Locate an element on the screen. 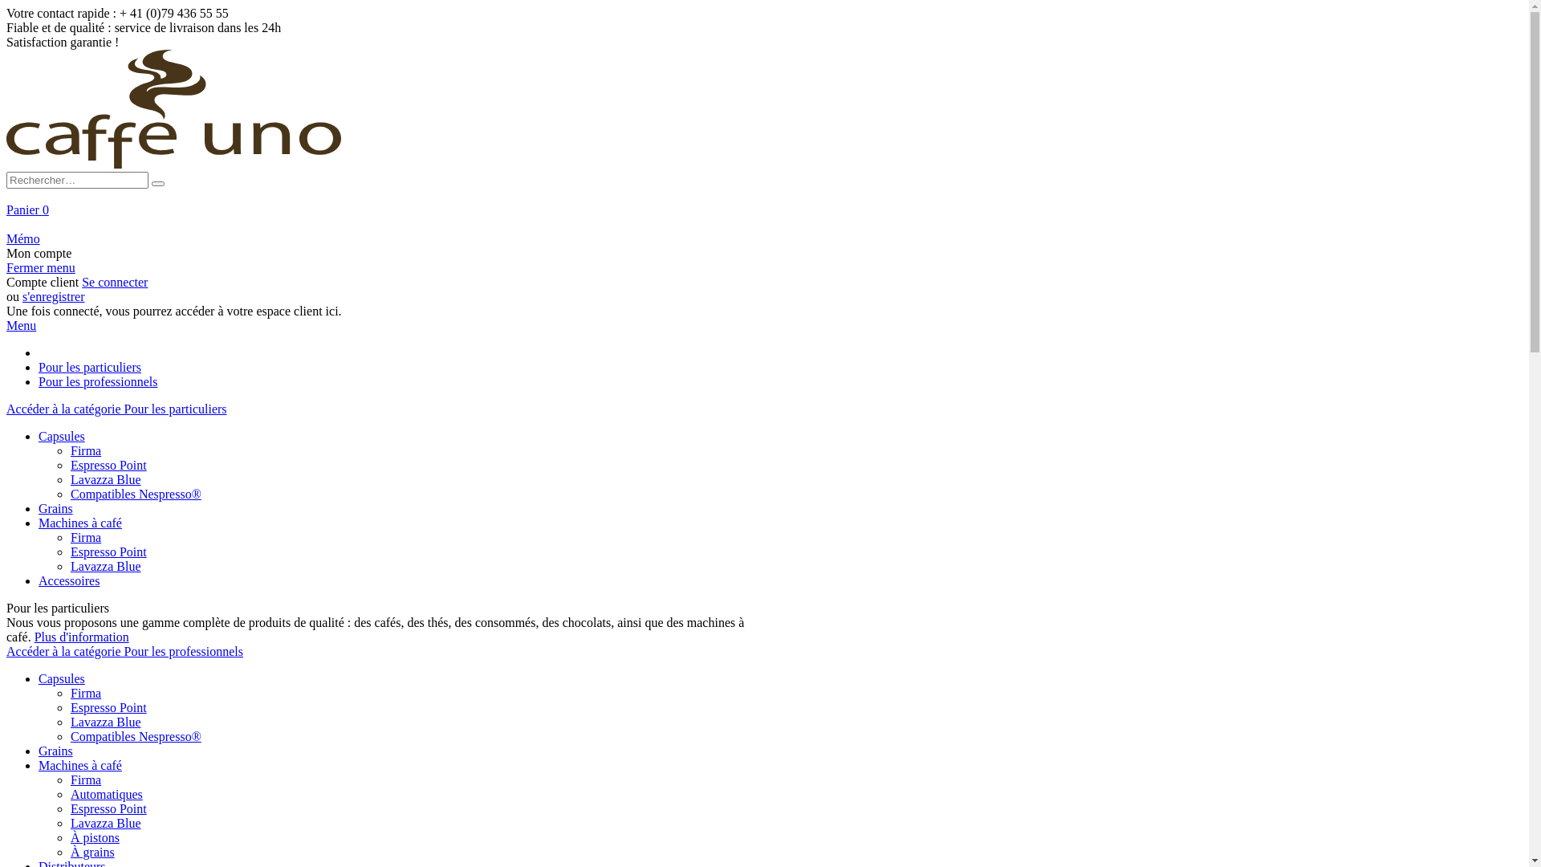 The image size is (1541, 867). 'Panier 0' is located at coordinates (6, 208).